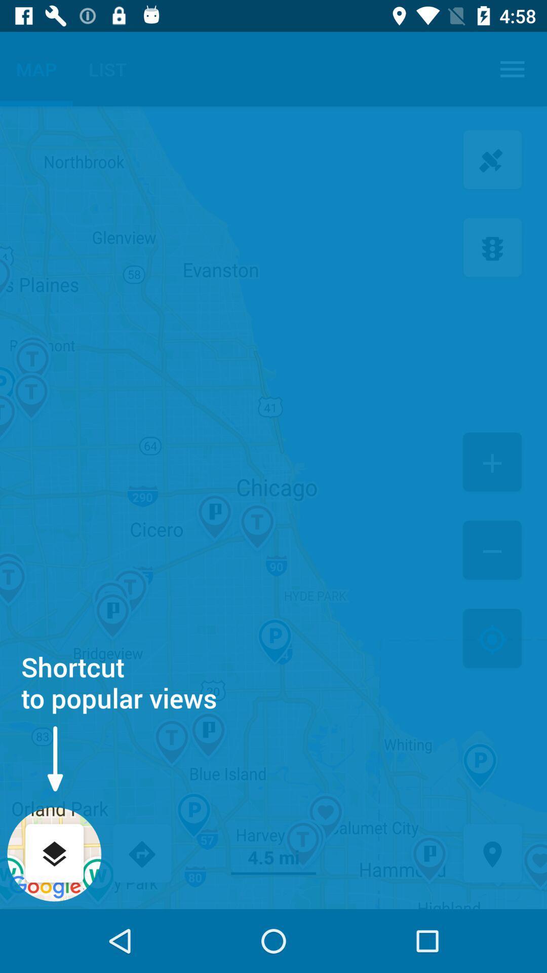 The width and height of the screenshot is (547, 973). Describe the element at coordinates (492, 160) in the screenshot. I see `satilite` at that location.